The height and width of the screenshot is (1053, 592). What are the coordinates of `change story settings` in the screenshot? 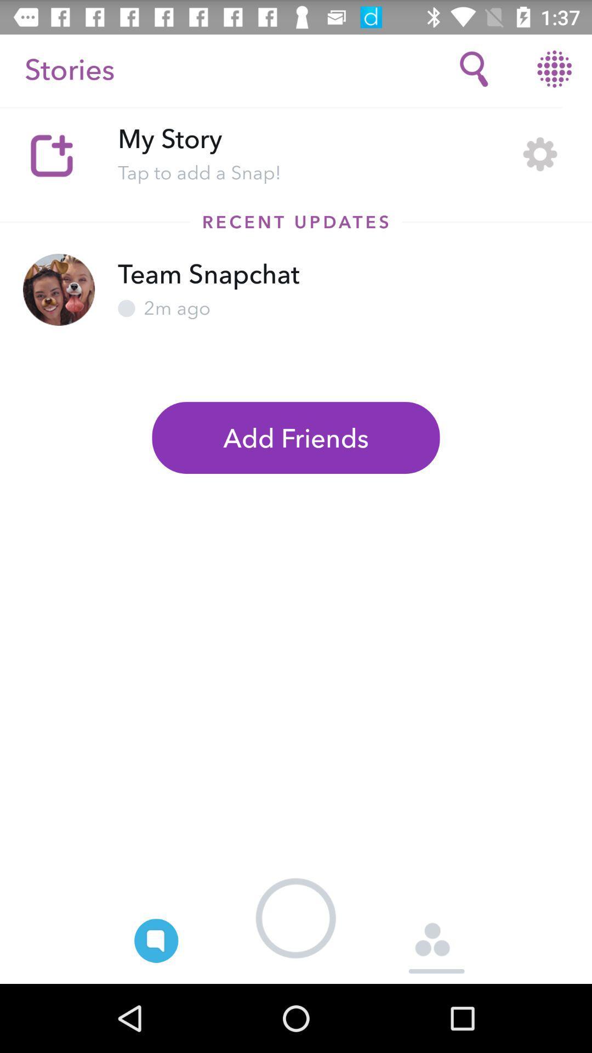 It's located at (539, 154).